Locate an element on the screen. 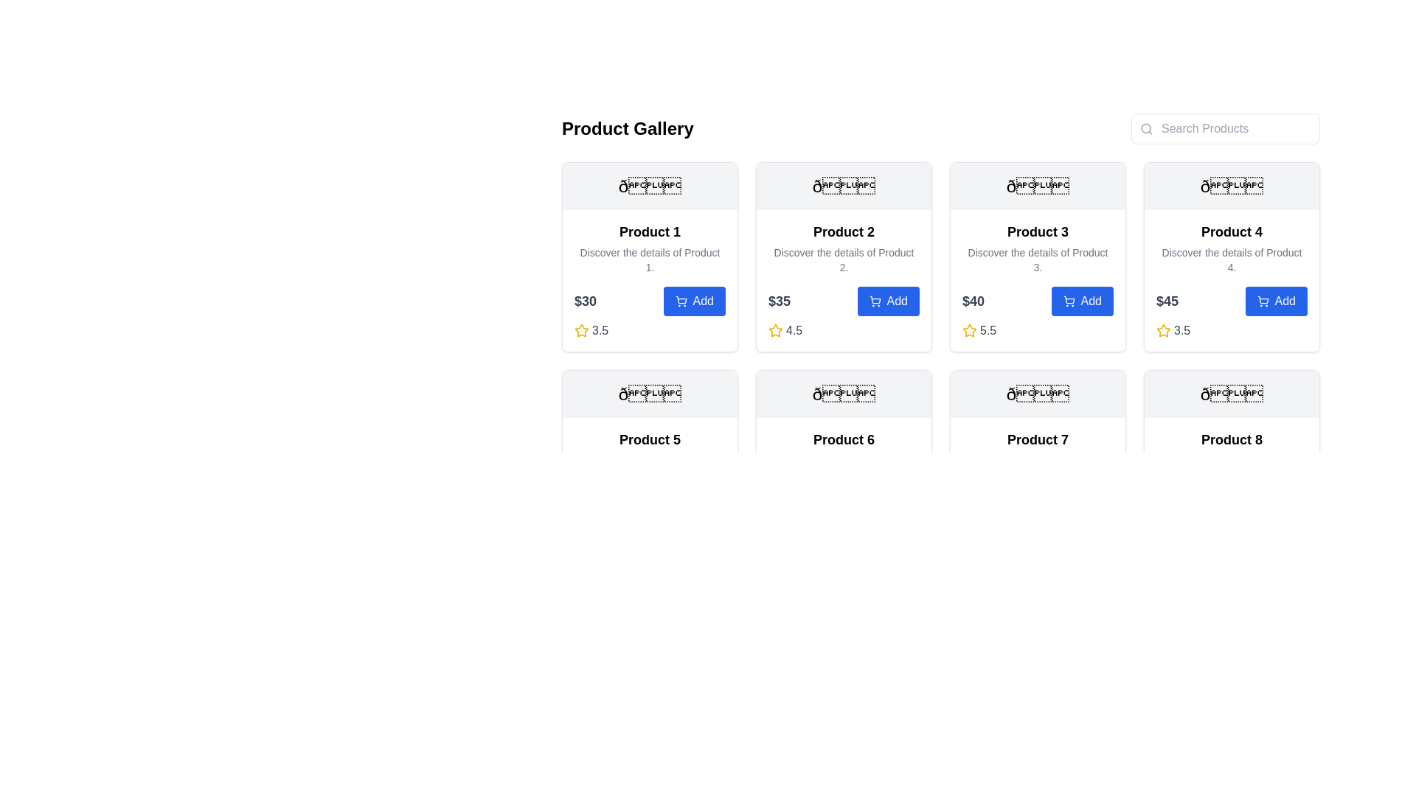 The height and width of the screenshot is (796, 1416). the 'Add' button located in the 'Product 2' card is located at coordinates (887, 300).